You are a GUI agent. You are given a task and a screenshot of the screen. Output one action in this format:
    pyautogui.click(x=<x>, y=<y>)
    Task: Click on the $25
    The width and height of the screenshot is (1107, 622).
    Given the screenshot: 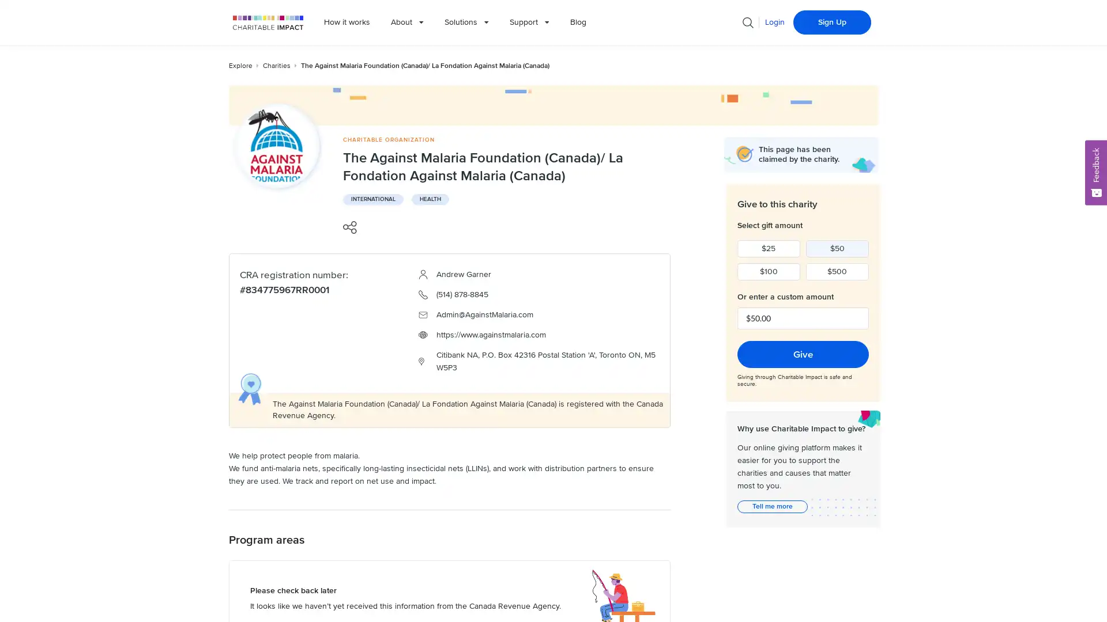 What is the action you would take?
    pyautogui.click(x=768, y=248)
    